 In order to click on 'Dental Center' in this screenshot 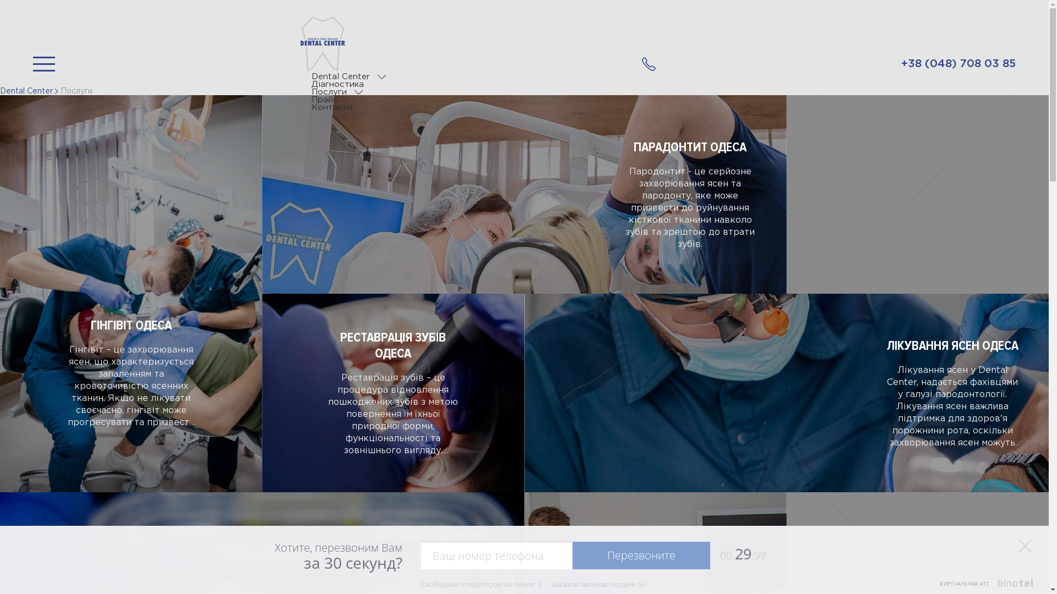, I will do `click(340, 76)`.